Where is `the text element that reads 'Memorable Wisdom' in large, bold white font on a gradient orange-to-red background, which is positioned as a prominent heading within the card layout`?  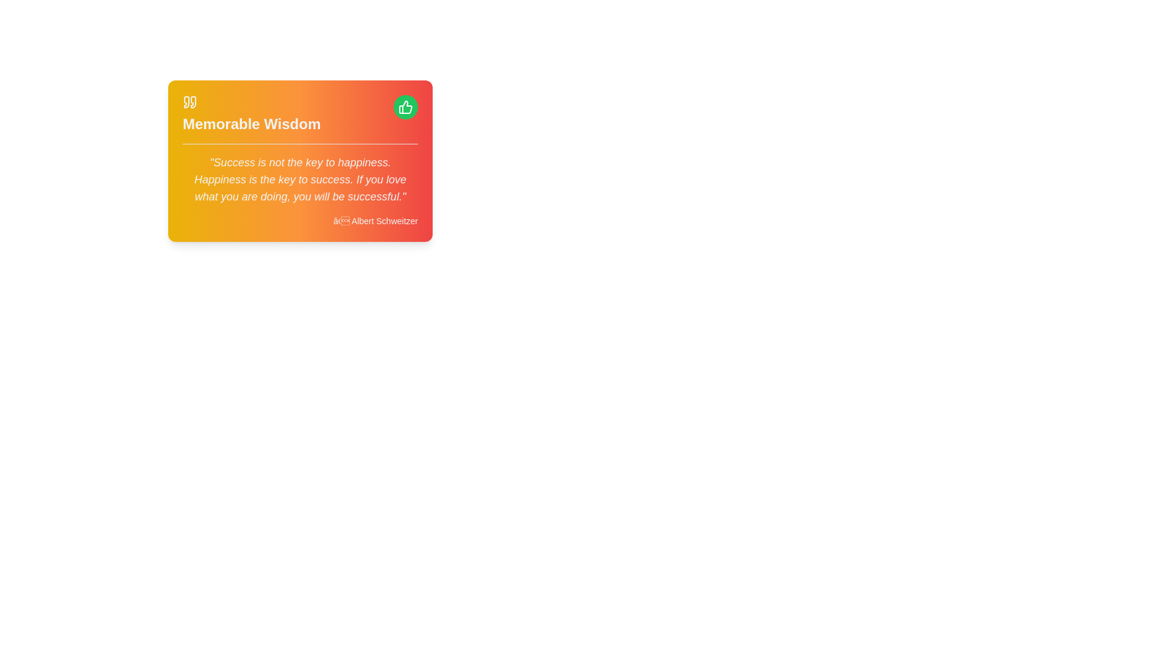 the text element that reads 'Memorable Wisdom' in large, bold white font on a gradient orange-to-red background, which is positioned as a prominent heading within the card layout is located at coordinates (251, 115).